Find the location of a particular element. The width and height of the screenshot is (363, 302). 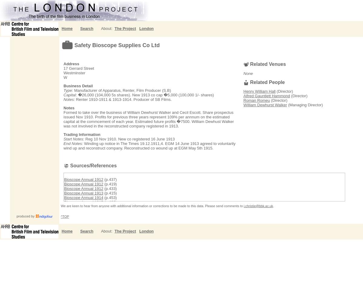

'(p.429)' is located at coordinates (110, 202).